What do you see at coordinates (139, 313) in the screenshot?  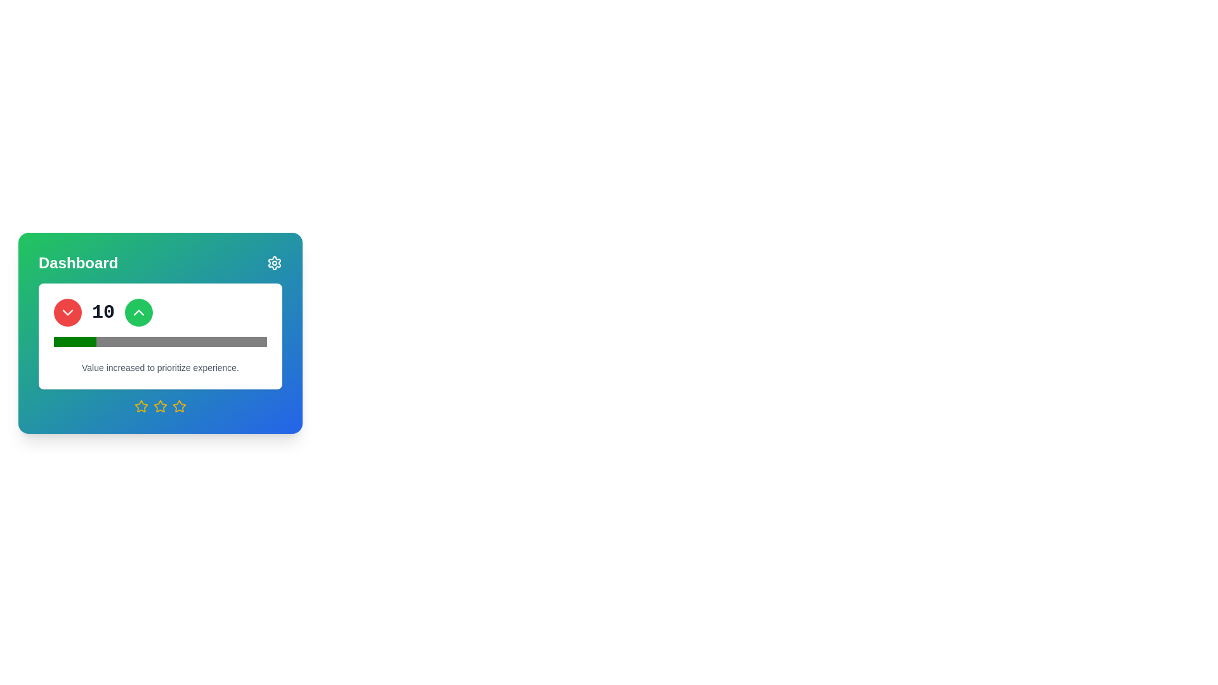 I see `the Chevron Up icon within the green button` at bounding box center [139, 313].